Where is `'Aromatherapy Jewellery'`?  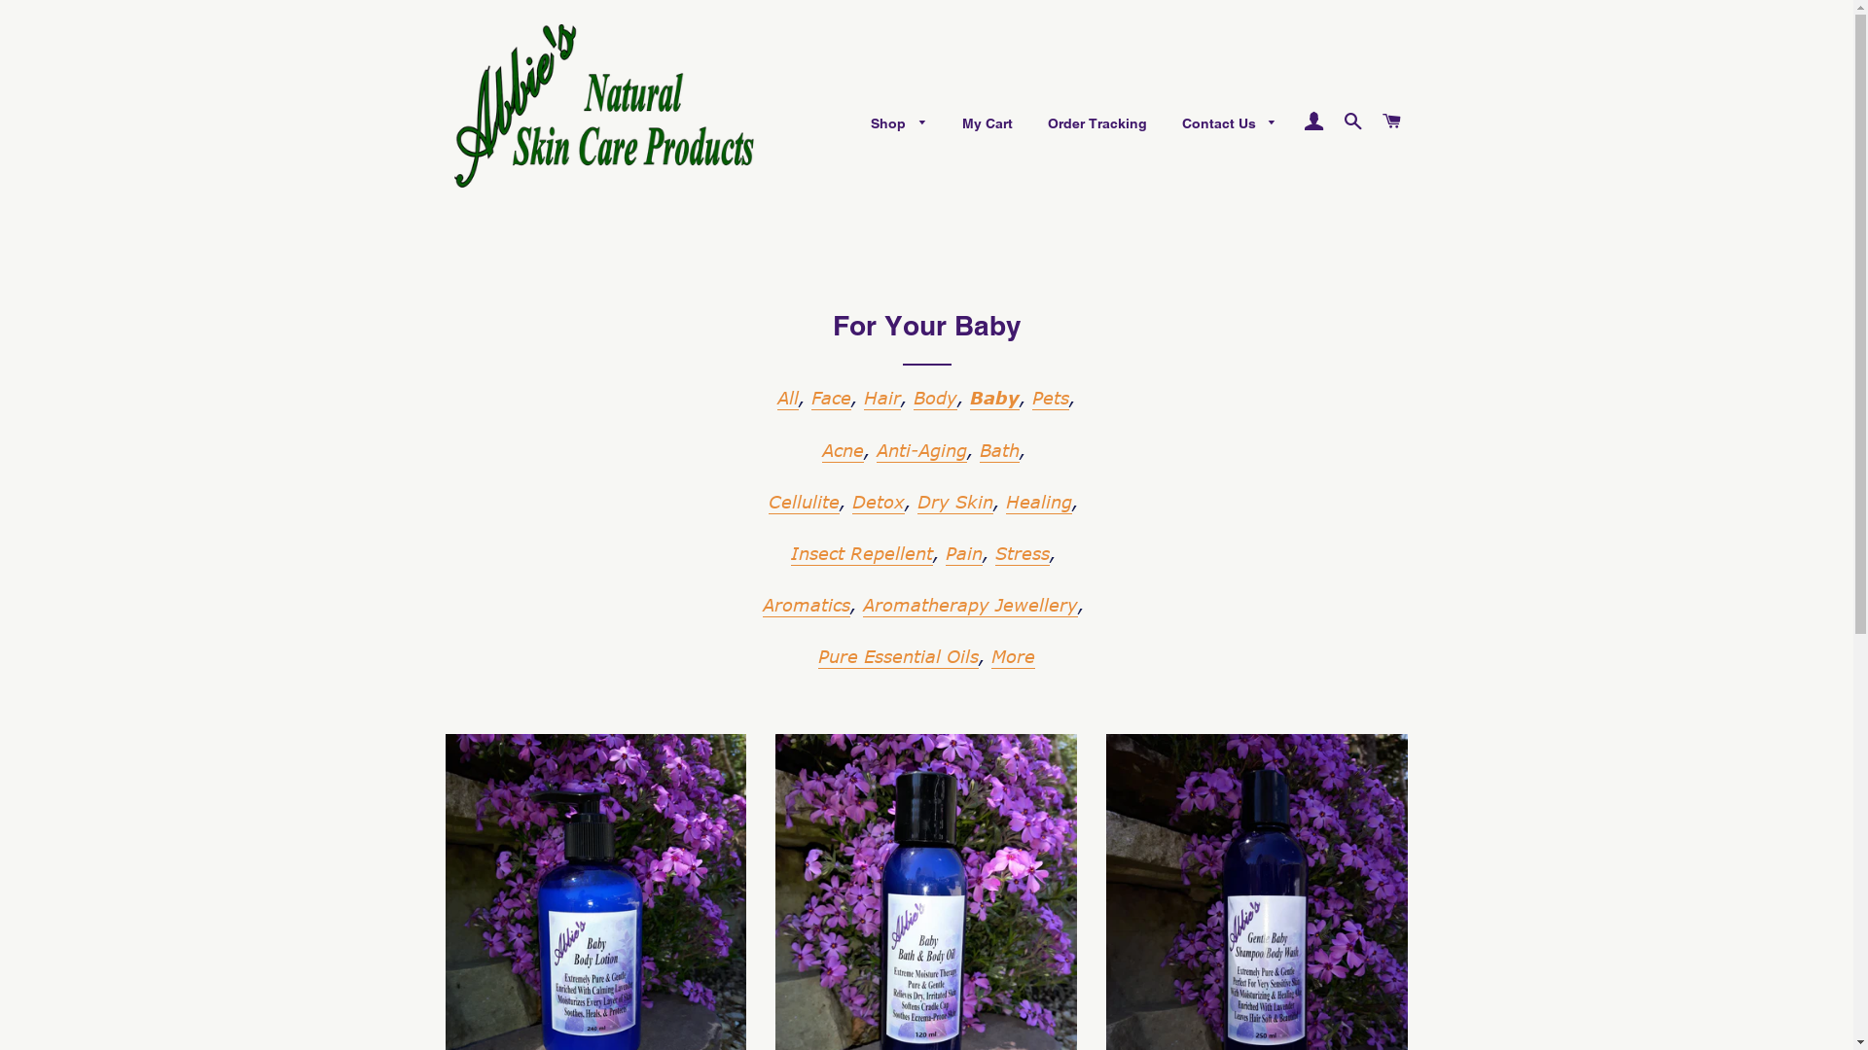 'Aromatherapy Jewellery' is located at coordinates (862, 605).